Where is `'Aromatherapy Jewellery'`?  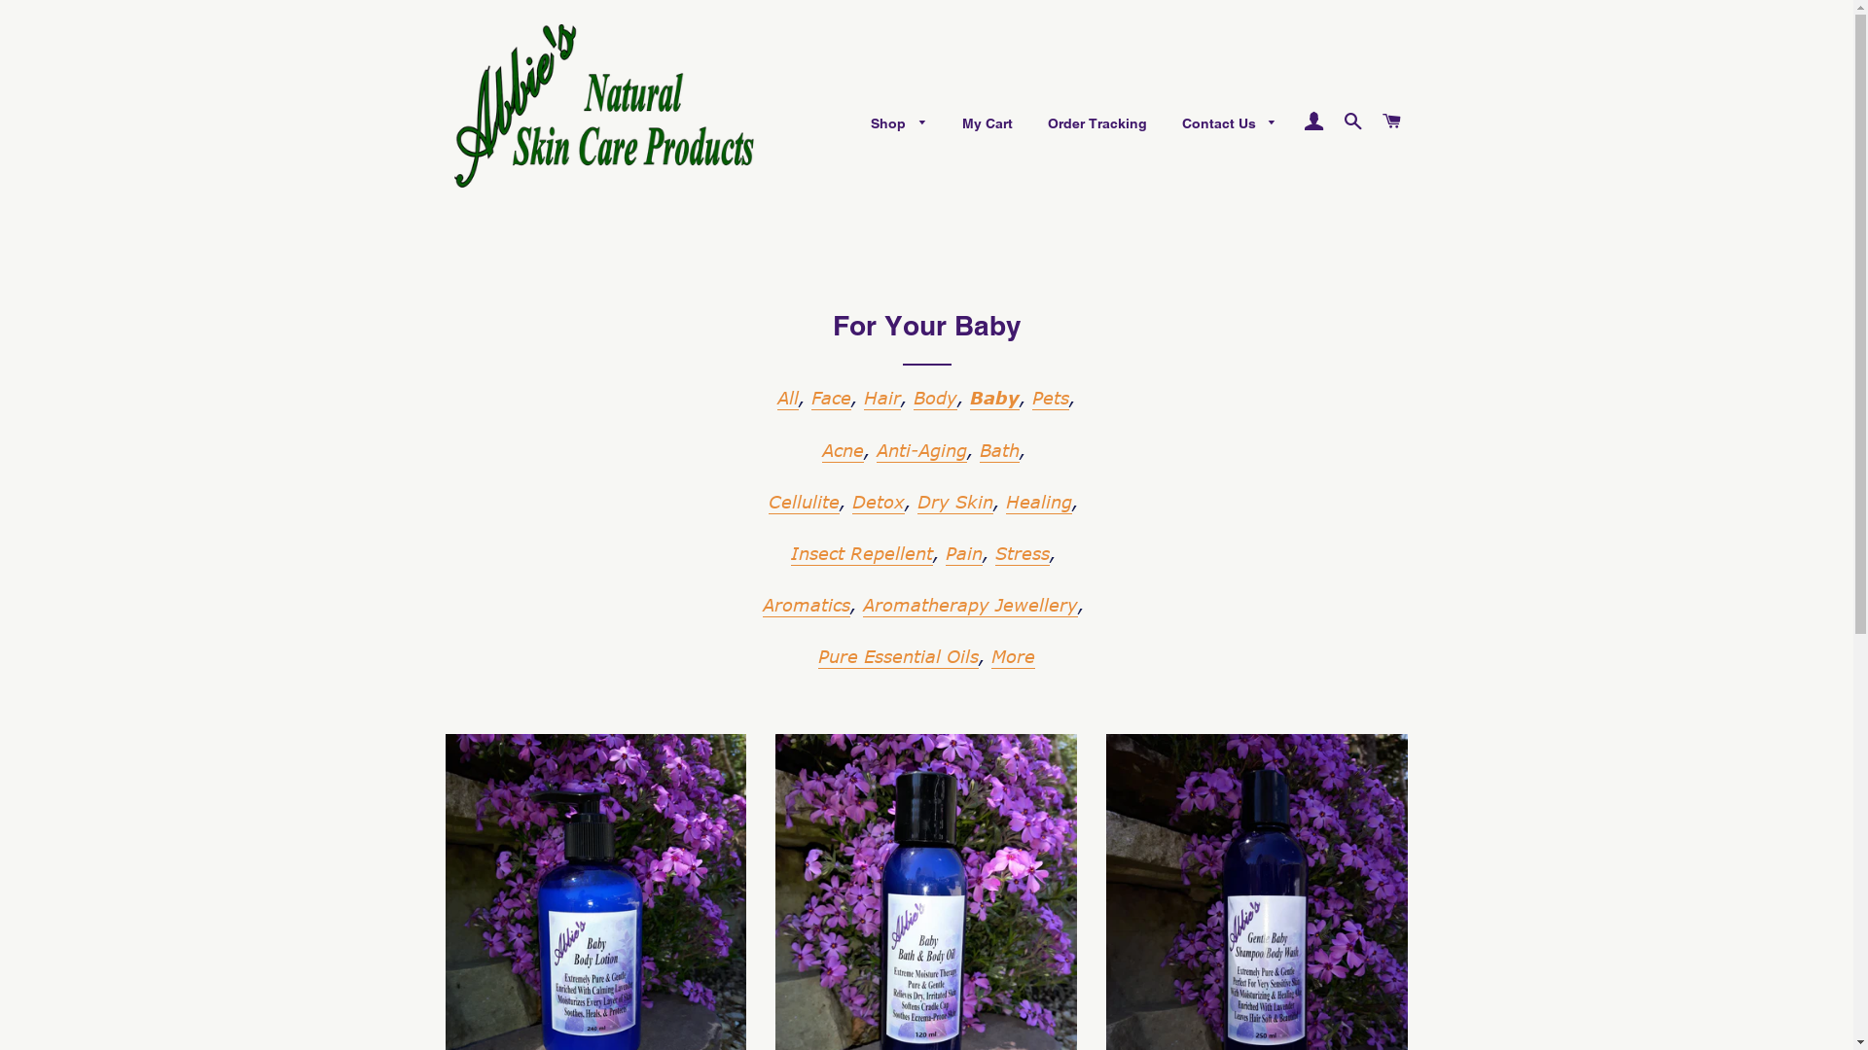 'Aromatherapy Jewellery' is located at coordinates (862, 605).